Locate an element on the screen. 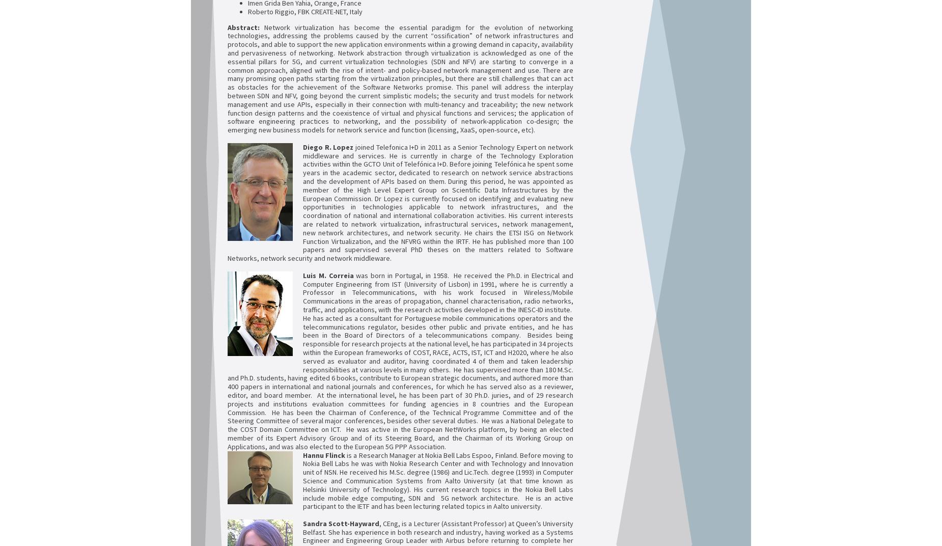 The image size is (942, 546). 'Sandra Scott-Hayward' is located at coordinates (341, 523).